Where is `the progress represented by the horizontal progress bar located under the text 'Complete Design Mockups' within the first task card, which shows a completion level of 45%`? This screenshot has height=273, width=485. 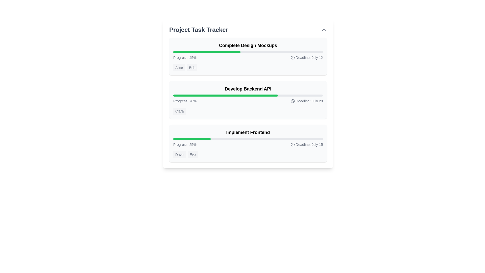
the progress represented by the horizontal progress bar located under the text 'Complete Design Mockups' within the first task card, which shows a completion level of 45% is located at coordinates (248, 52).